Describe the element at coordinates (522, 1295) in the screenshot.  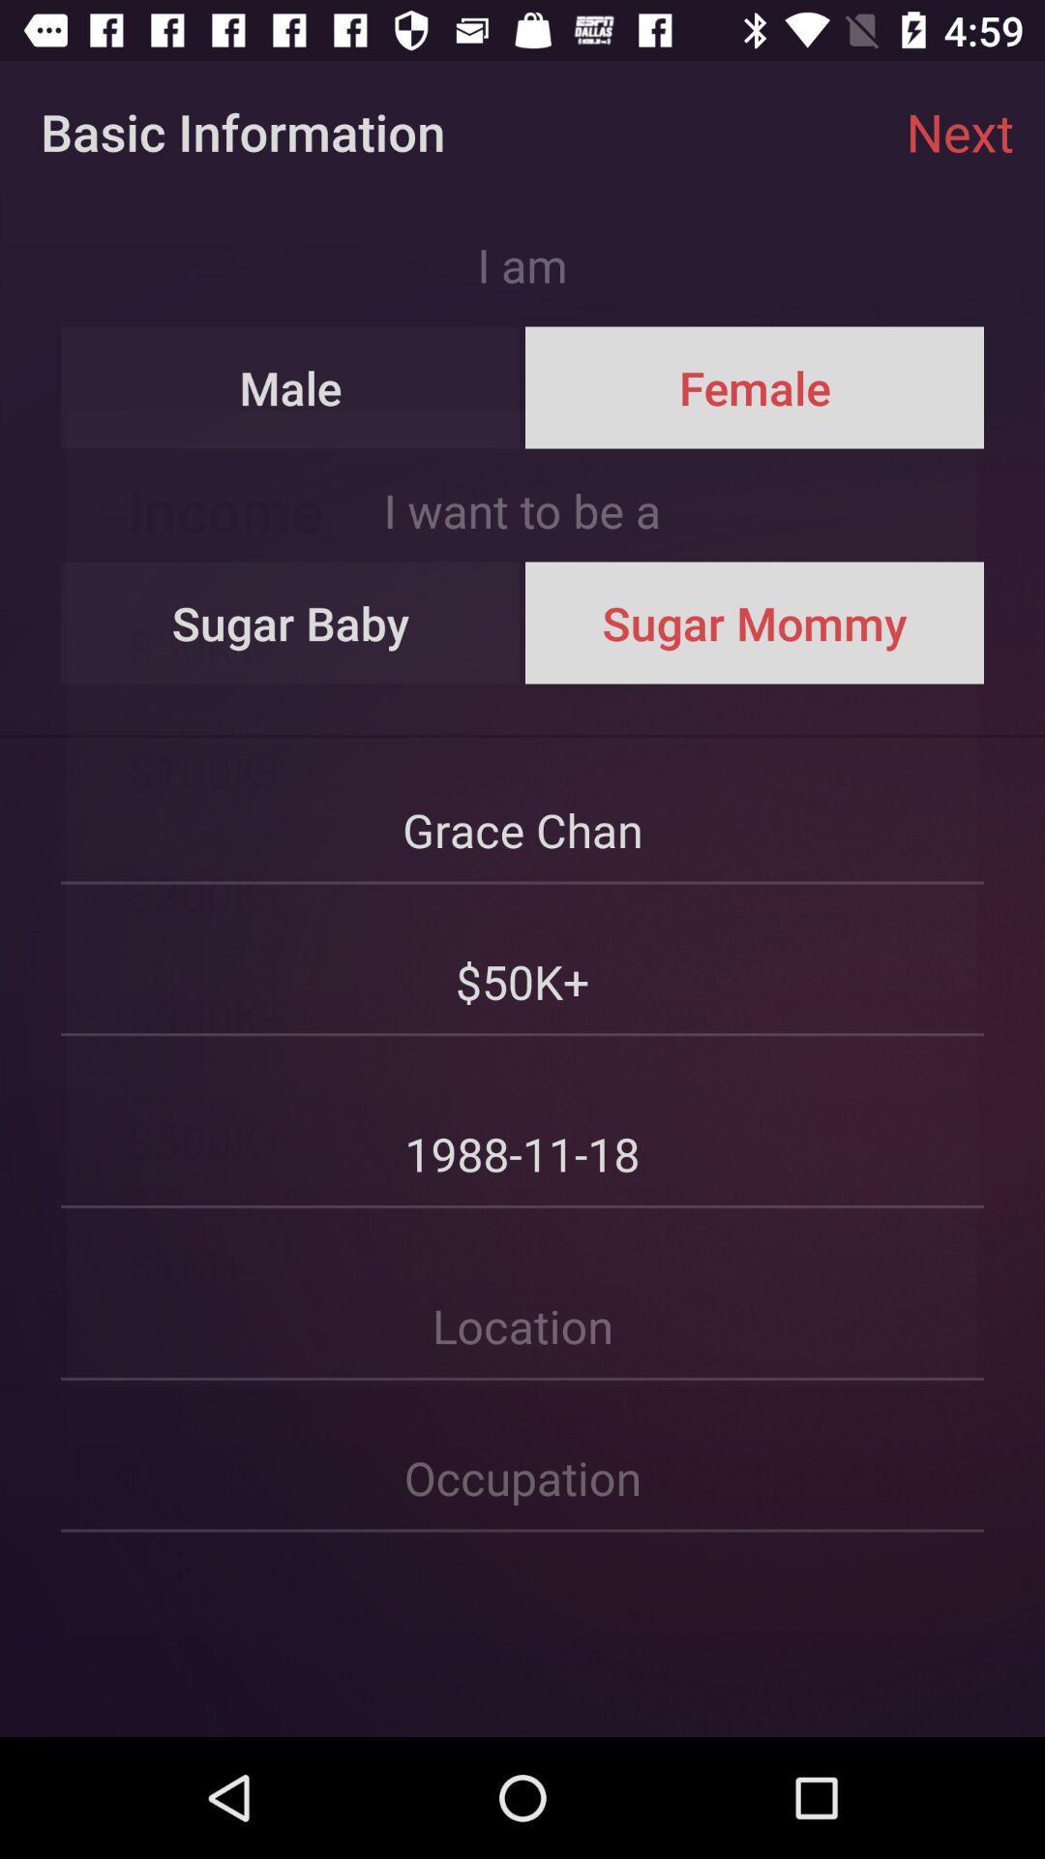
I see `your location` at that location.